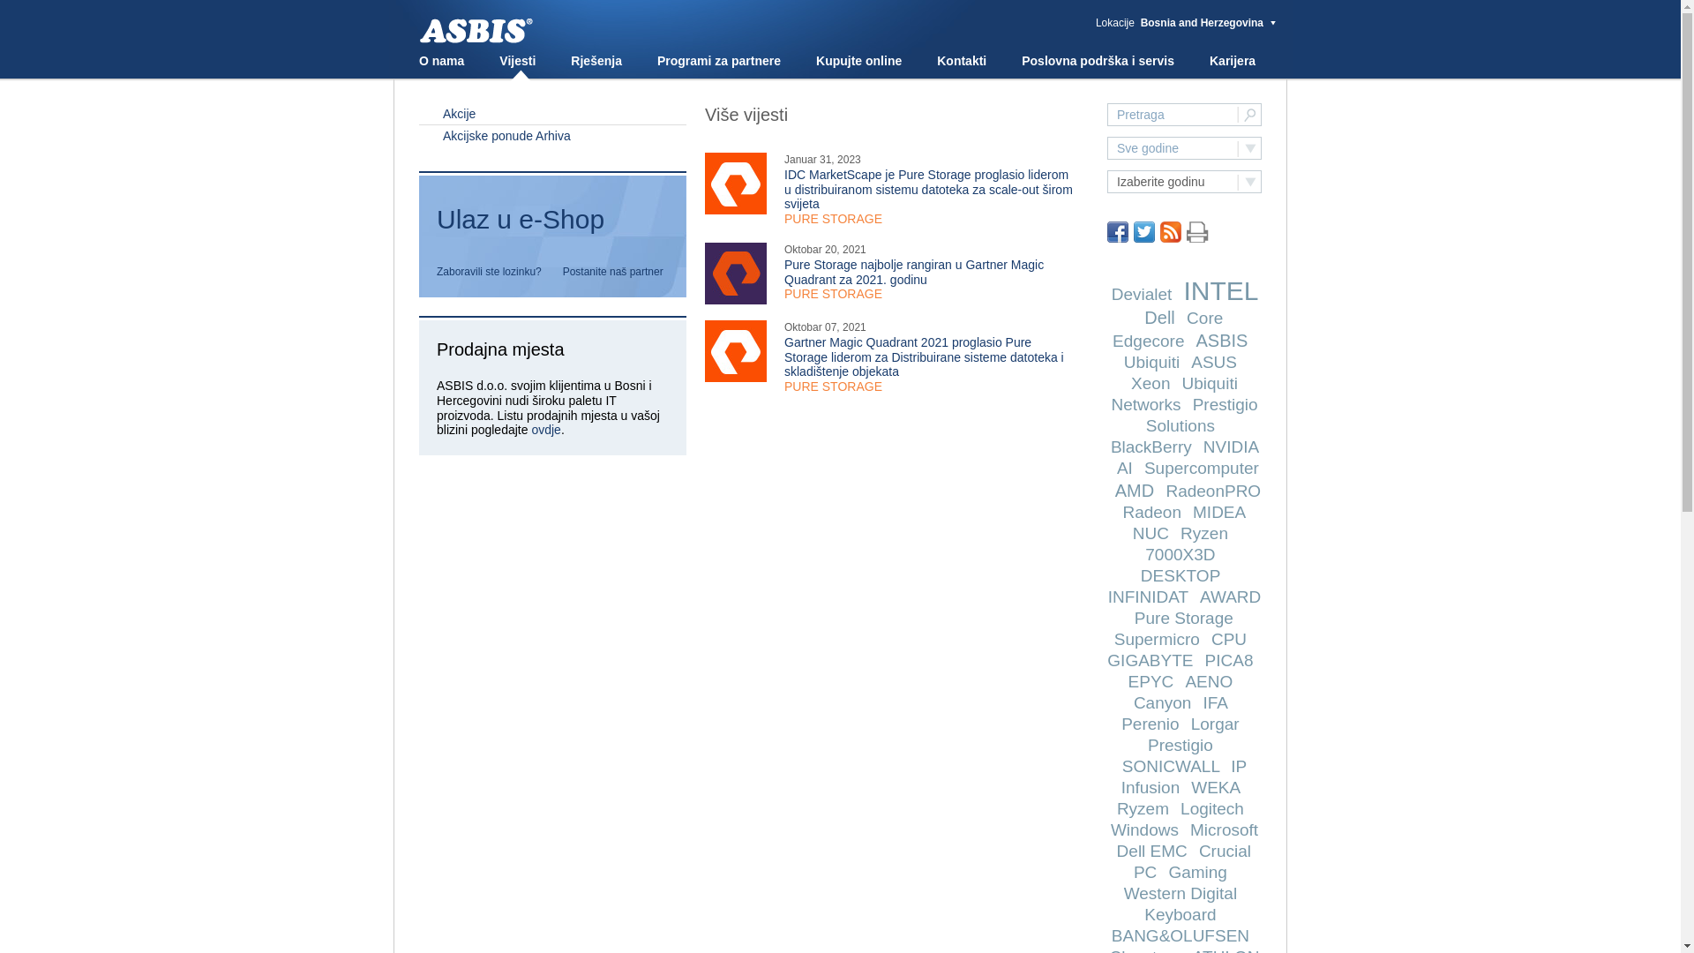 The image size is (1694, 953). I want to click on 'AMD', so click(1113, 490).